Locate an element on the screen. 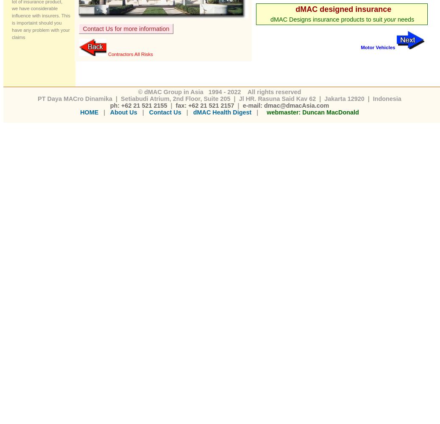  'Setiabudi Atrium, 2nd Floor, Suite 205' is located at coordinates (175, 98).